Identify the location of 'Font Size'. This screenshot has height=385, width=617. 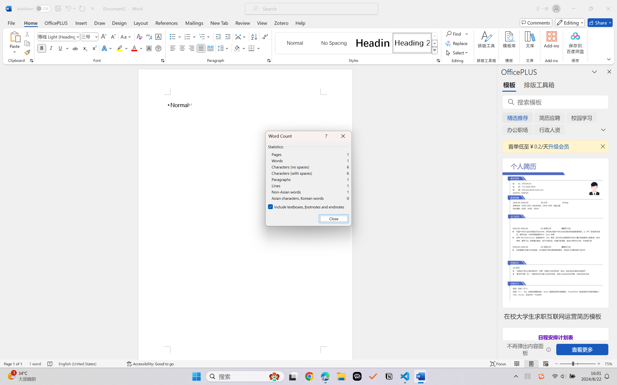
(87, 37).